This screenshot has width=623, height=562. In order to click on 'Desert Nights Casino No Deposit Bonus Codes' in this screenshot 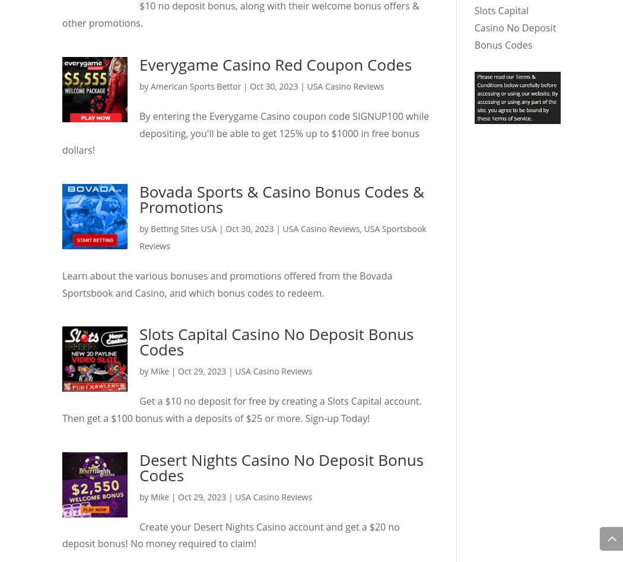, I will do `click(281, 466)`.